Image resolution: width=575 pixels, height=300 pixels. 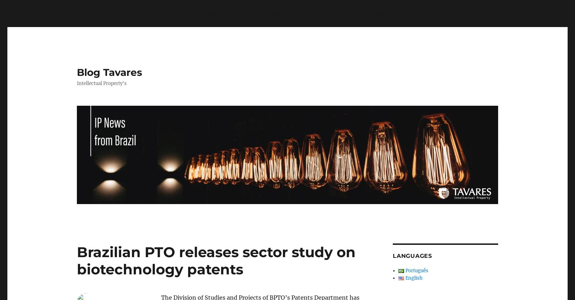 What do you see at coordinates (106, 15) in the screenshot?
I see `':  stripos() expects parameter 1 to be string, array given in'` at bounding box center [106, 15].